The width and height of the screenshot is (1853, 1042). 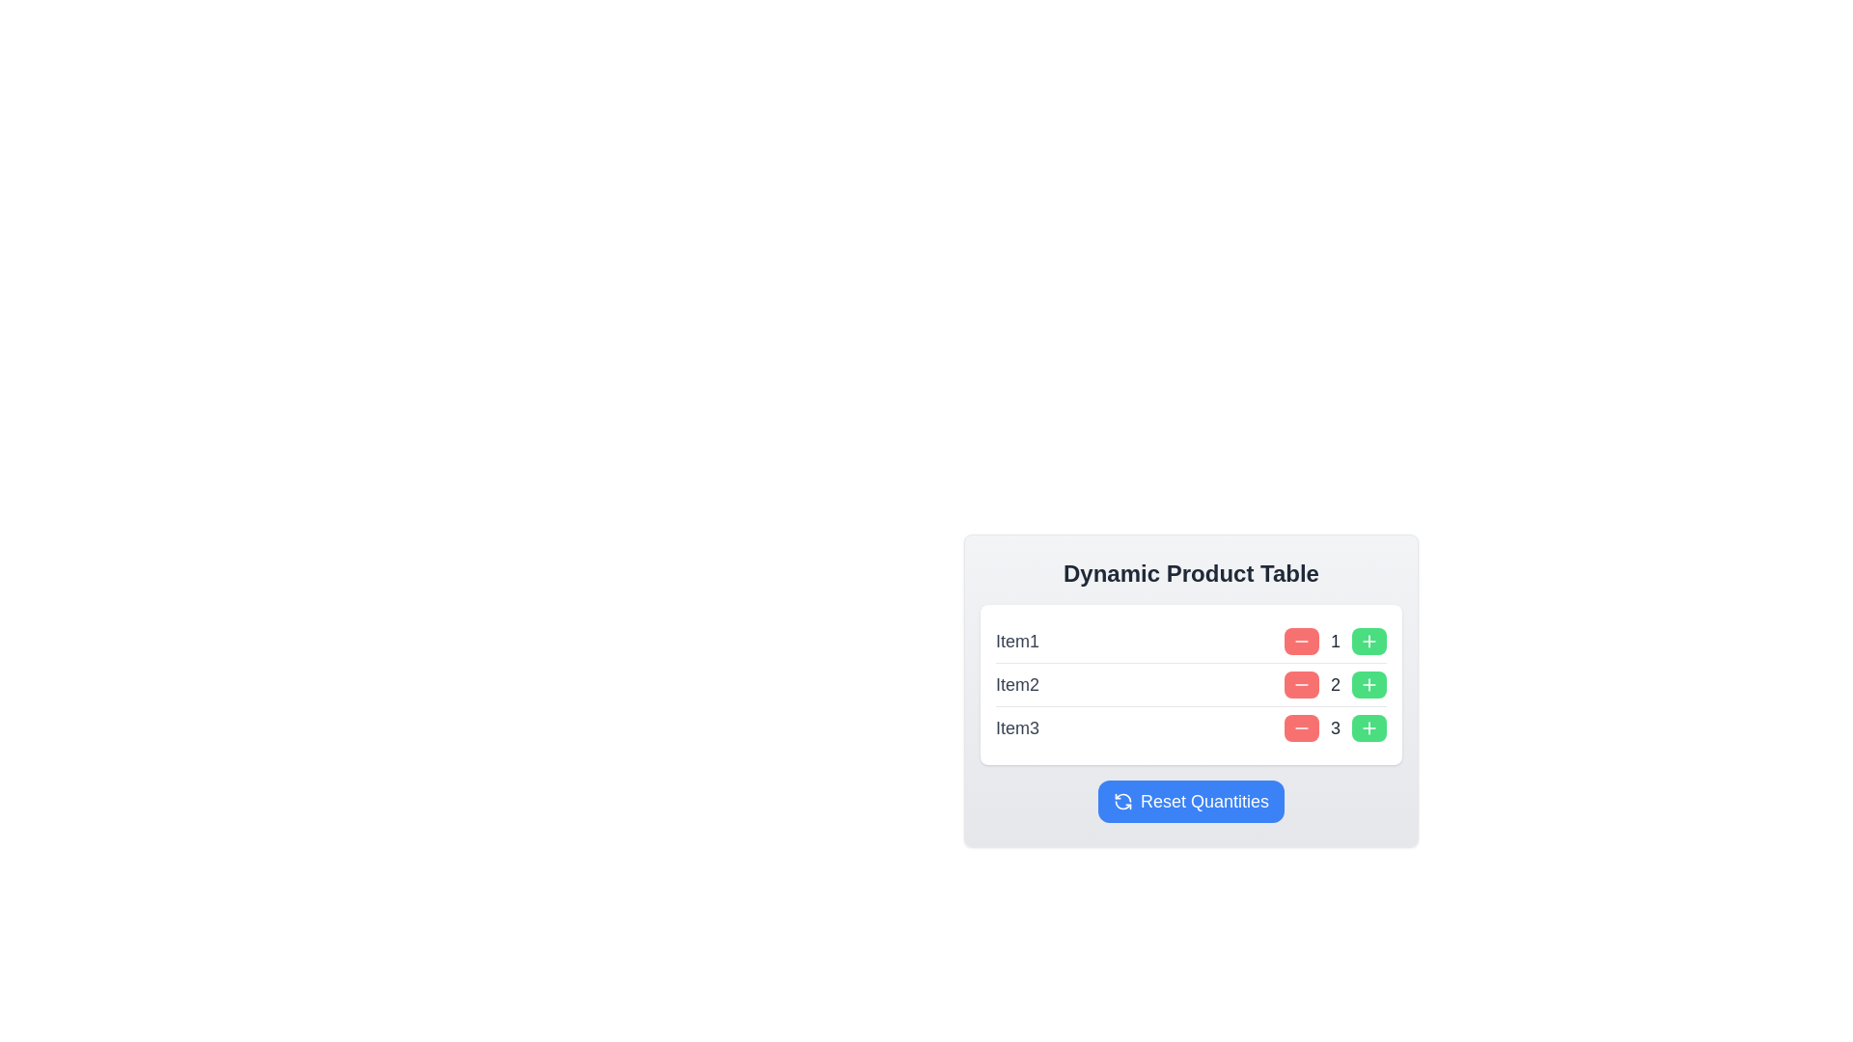 What do you see at coordinates (1190, 801) in the screenshot?
I see `the blue button labeled 'Reset Quantities' to interact with its tooltip, if any` at bounding box center [1190, 801].